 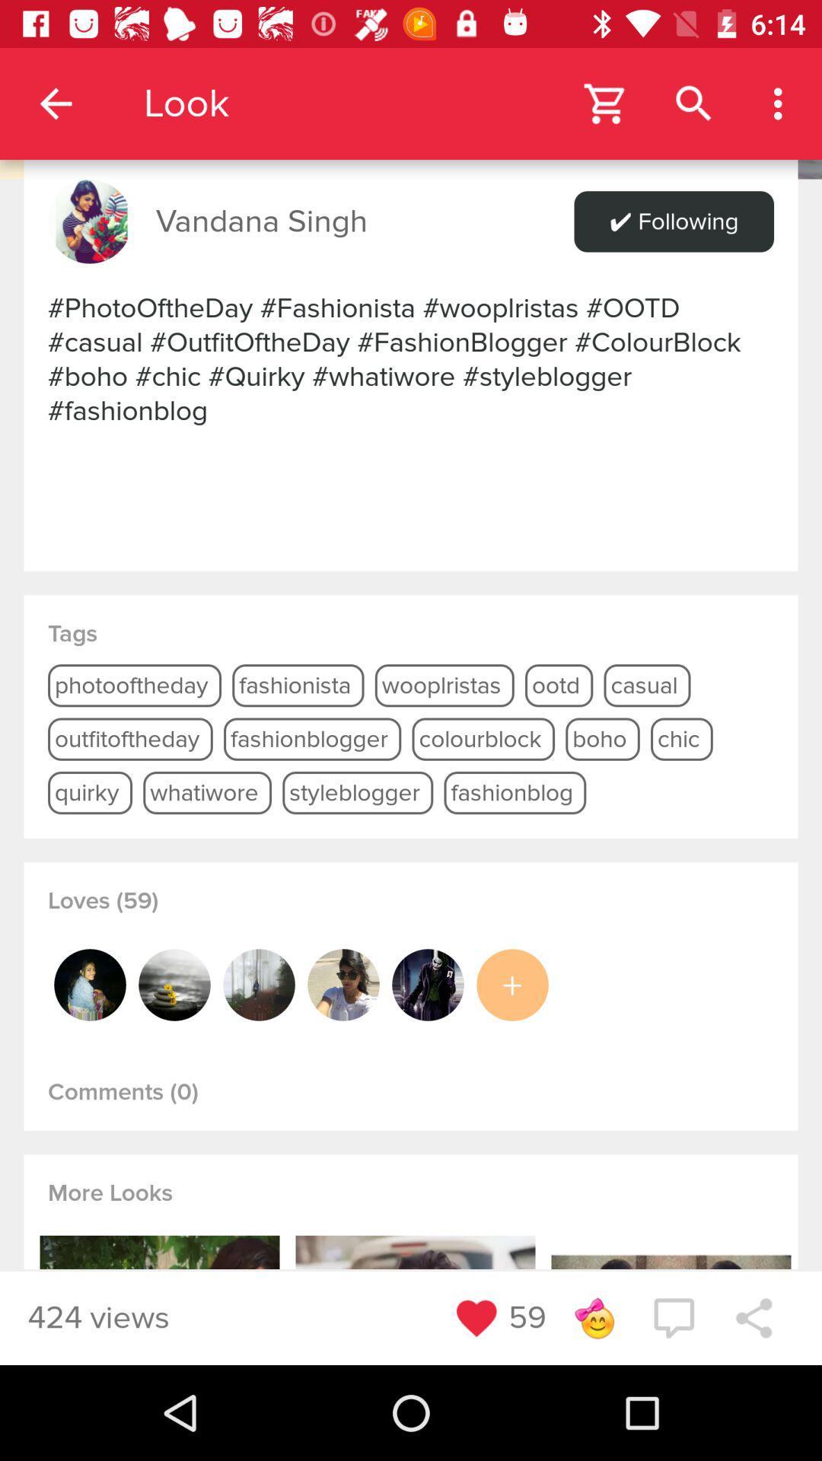 I want to click on share content on social media, so click(x=753, y=1317).